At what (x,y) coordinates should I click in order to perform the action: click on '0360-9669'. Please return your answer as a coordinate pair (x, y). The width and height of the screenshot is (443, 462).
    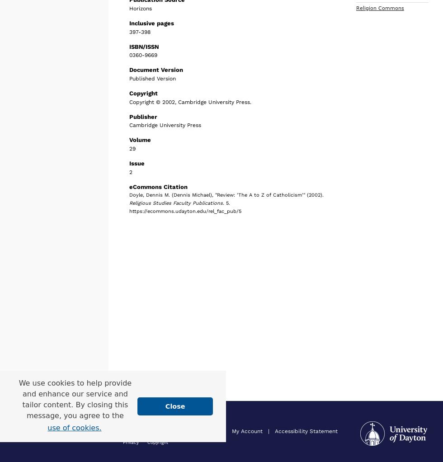
    Looking at the image, I should click on (143, 55).